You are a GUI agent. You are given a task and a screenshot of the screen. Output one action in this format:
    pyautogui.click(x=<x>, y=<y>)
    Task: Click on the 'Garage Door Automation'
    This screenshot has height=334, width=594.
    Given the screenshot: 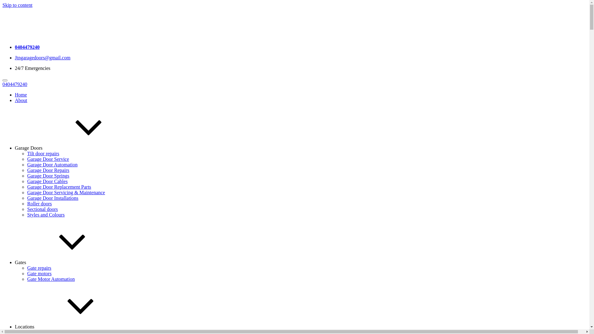 What is the action you would take?
    pyautogui.click(x=27, y=164)
    